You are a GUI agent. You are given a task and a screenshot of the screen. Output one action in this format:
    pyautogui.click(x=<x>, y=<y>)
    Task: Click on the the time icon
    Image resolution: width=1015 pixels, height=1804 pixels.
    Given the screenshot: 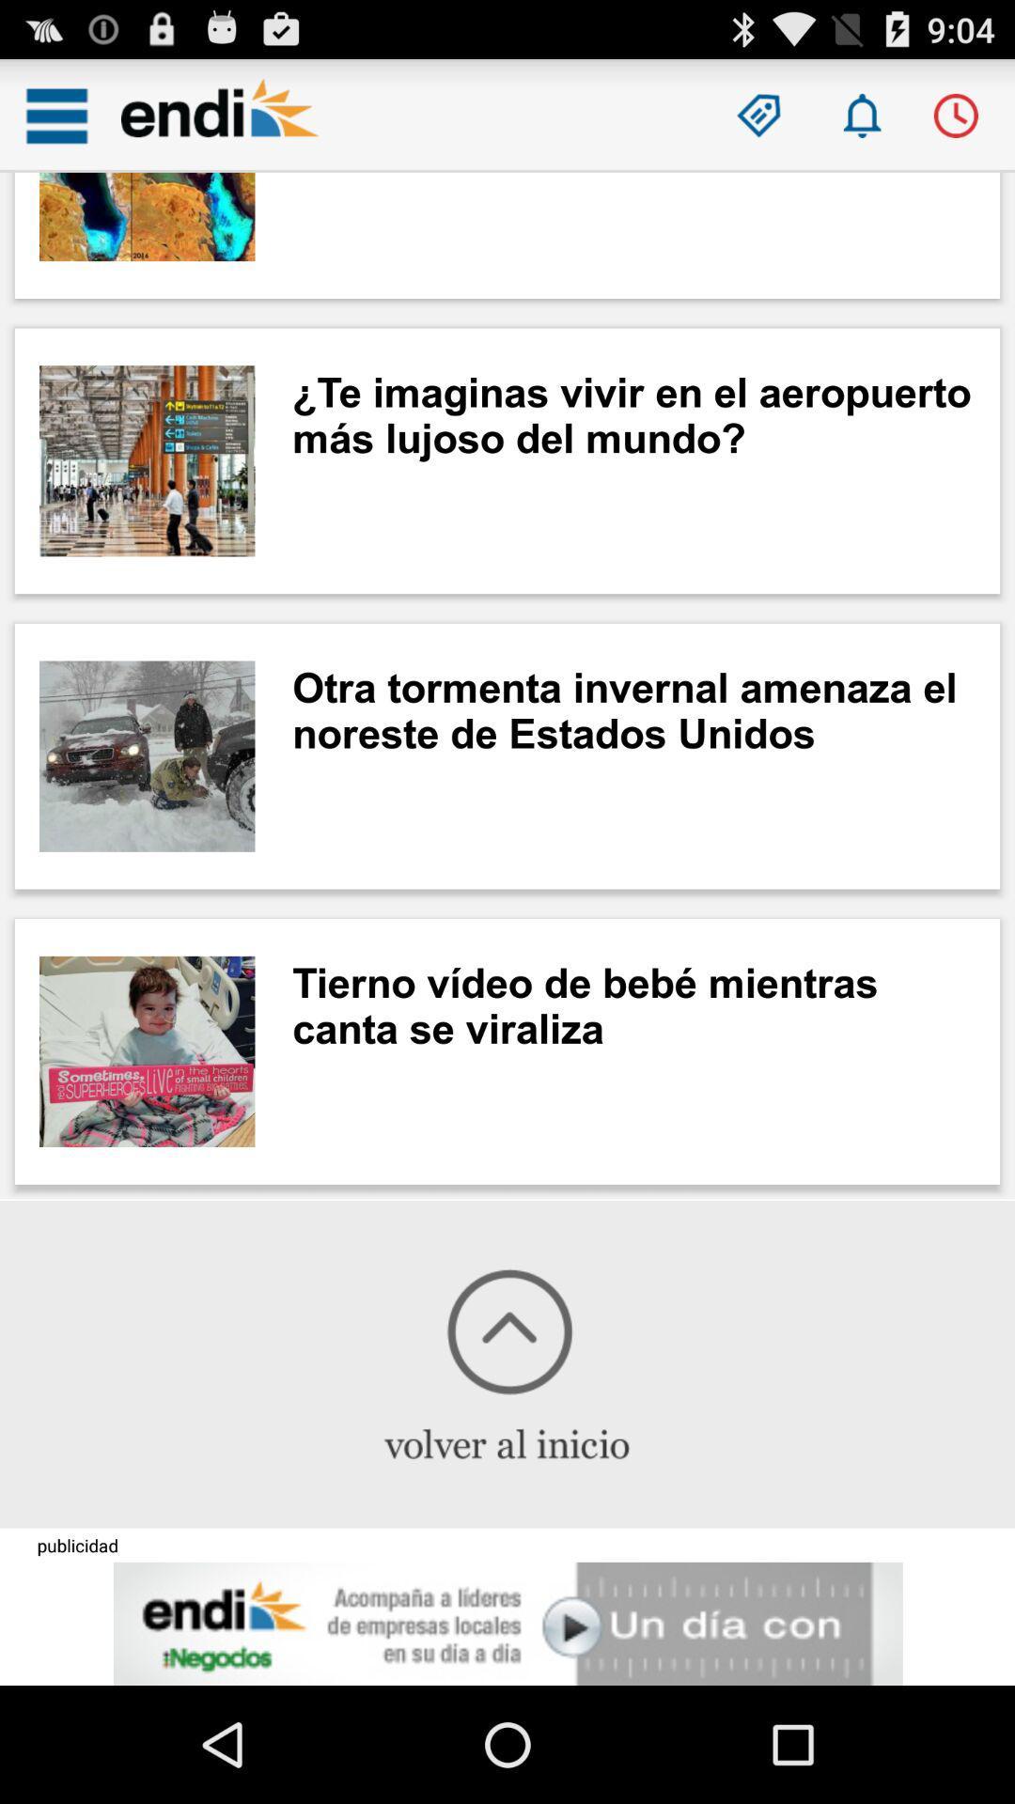 What is the action you would take?
    pyautogui.click(x=956, y=123)
    